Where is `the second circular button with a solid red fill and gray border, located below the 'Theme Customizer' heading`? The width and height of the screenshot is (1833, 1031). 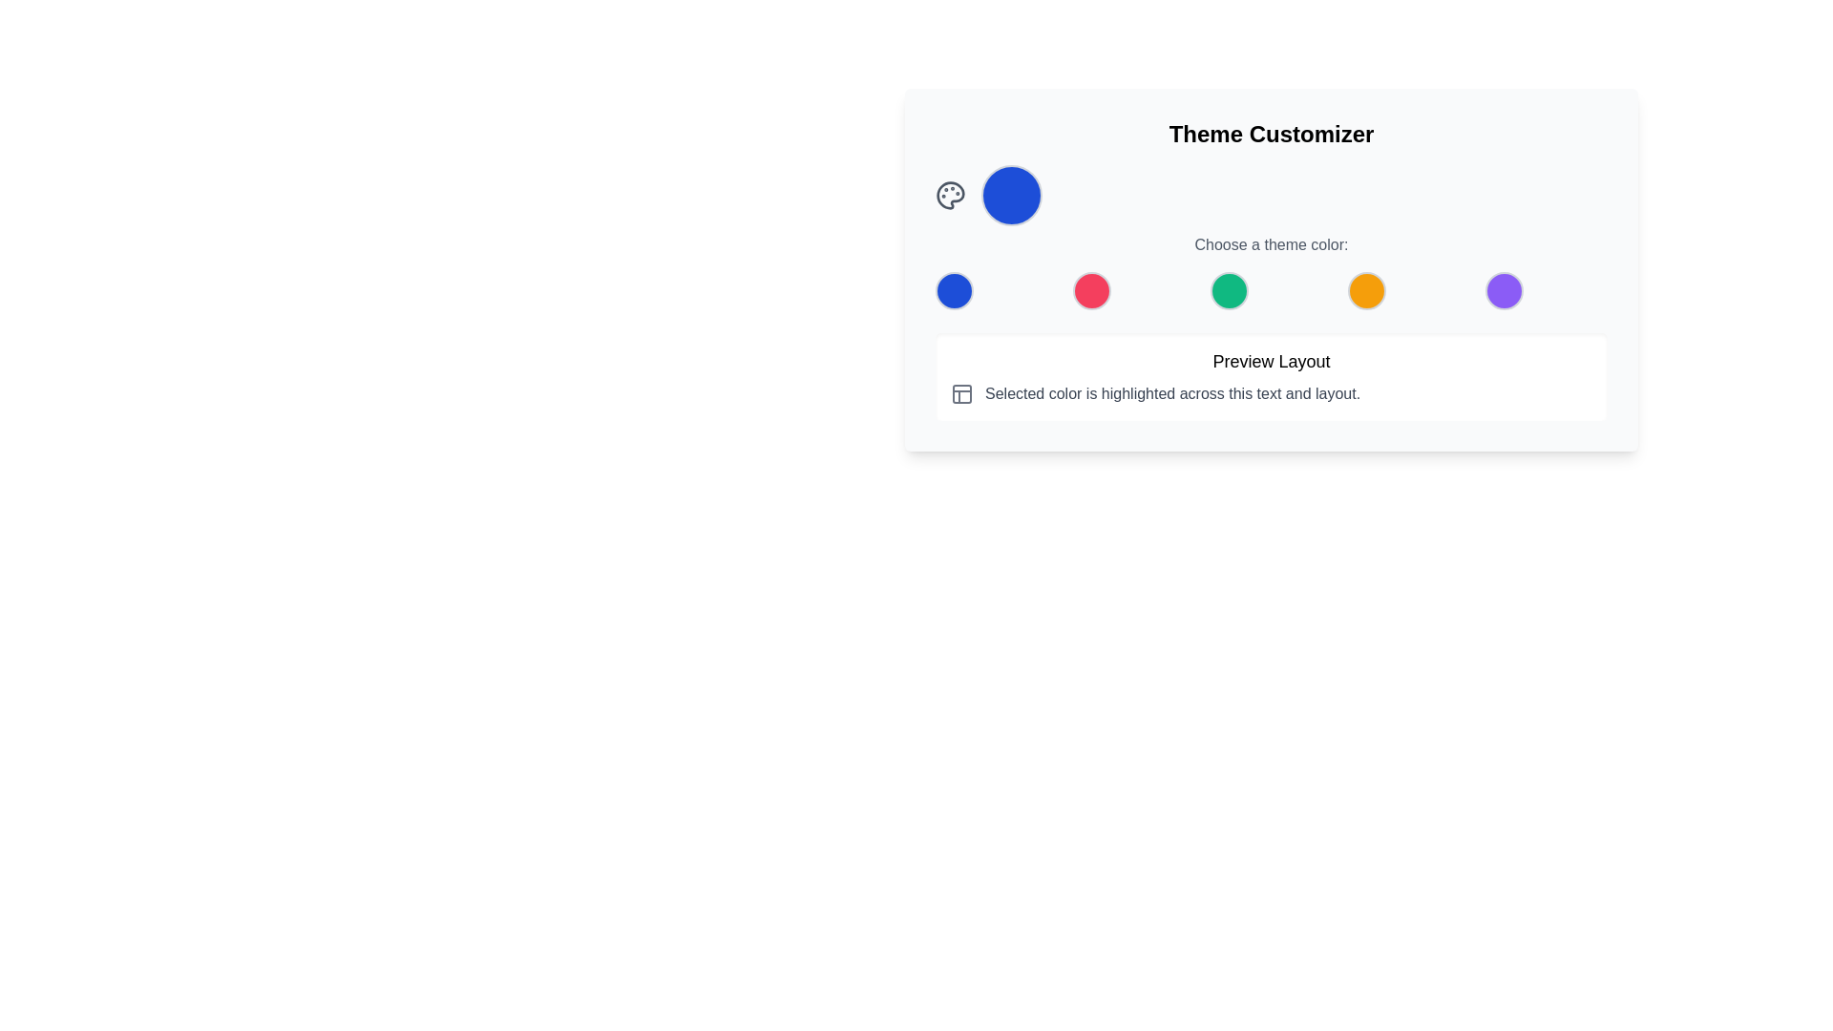 the second circular button with a solid red fill and gray border, located below the 'Theme Customizer' heading is located at coordinates (1091, 290).